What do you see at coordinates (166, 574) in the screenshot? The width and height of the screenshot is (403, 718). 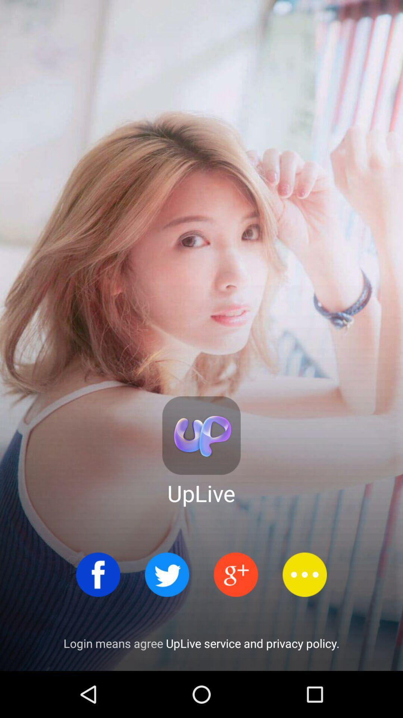 I see `the twitter icon` at bounding box center [166, 574].